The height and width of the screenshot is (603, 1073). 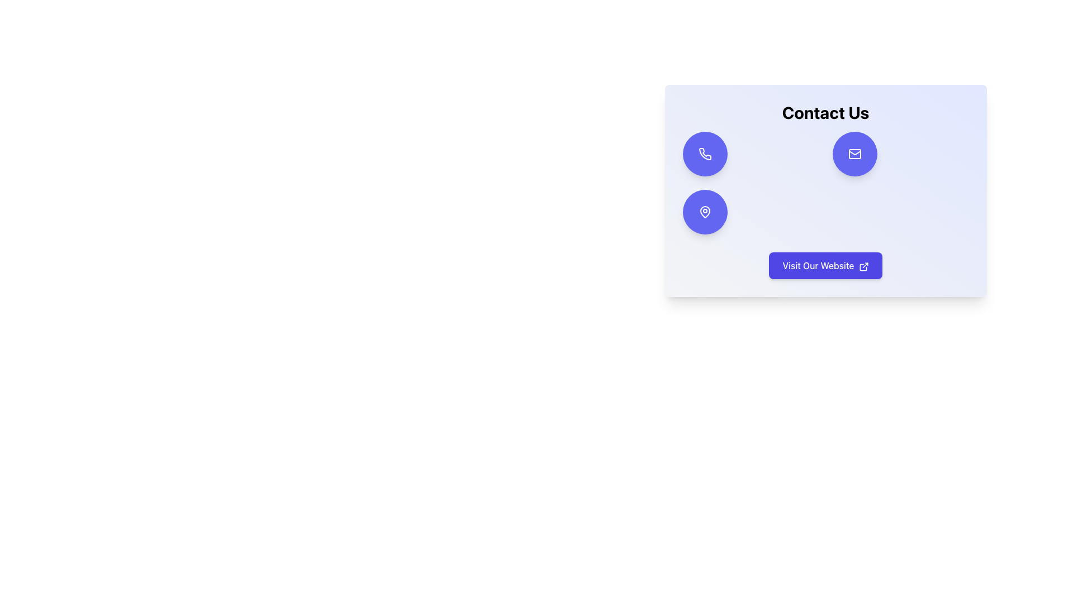 I want to click on the circular deep indigo button with a white phone icon located in the 'Contact Us' section, so click(x=704, y=154).